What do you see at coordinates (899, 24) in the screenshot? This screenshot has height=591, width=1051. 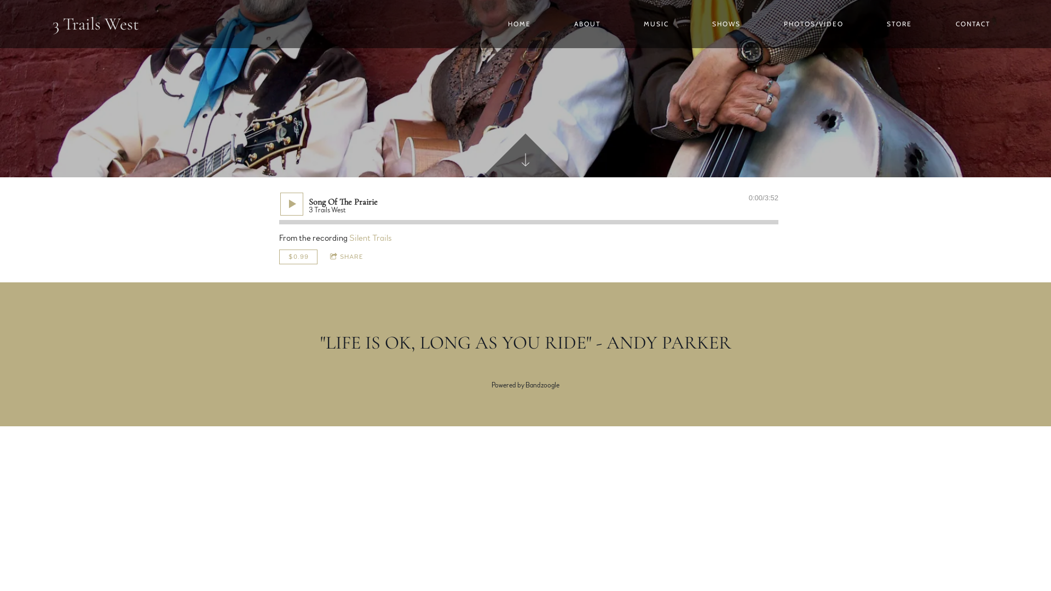 I see `'STORE'` at bounding box center [899, 24].